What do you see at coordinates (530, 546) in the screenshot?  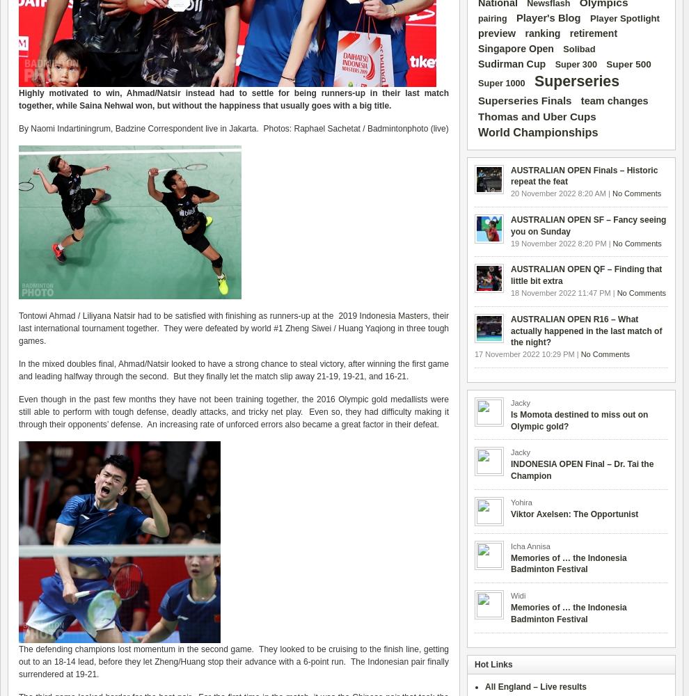 I see `'Icha Annisa'` at bounding box center [530, 546].